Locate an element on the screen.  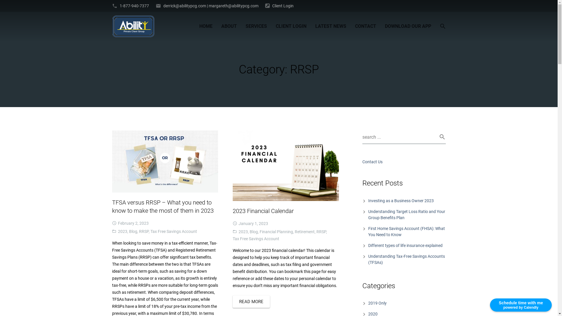
'LATEST NEWS' is located at coordinates (330, 26).